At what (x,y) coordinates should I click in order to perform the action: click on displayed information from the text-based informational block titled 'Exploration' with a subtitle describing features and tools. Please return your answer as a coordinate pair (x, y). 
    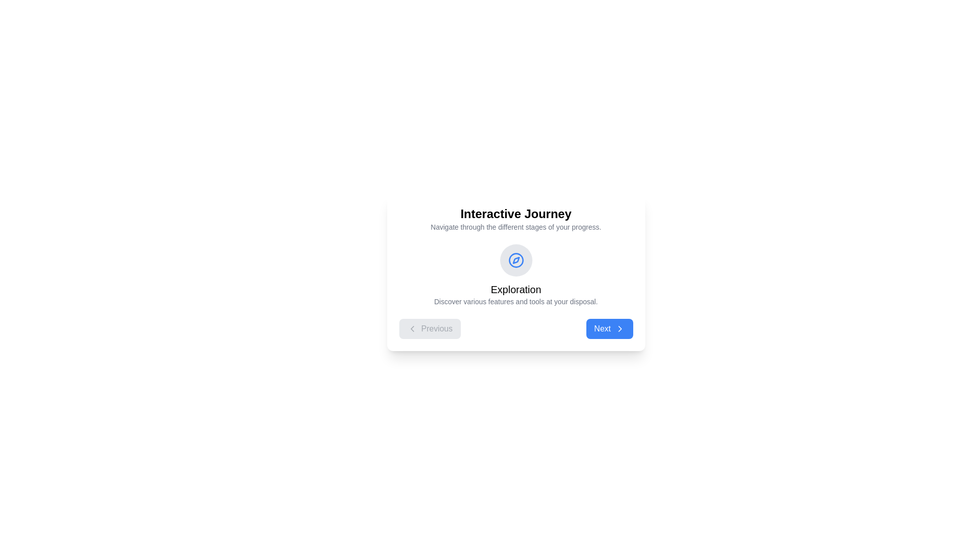
    Looking at the image, I should click on (516, 291).